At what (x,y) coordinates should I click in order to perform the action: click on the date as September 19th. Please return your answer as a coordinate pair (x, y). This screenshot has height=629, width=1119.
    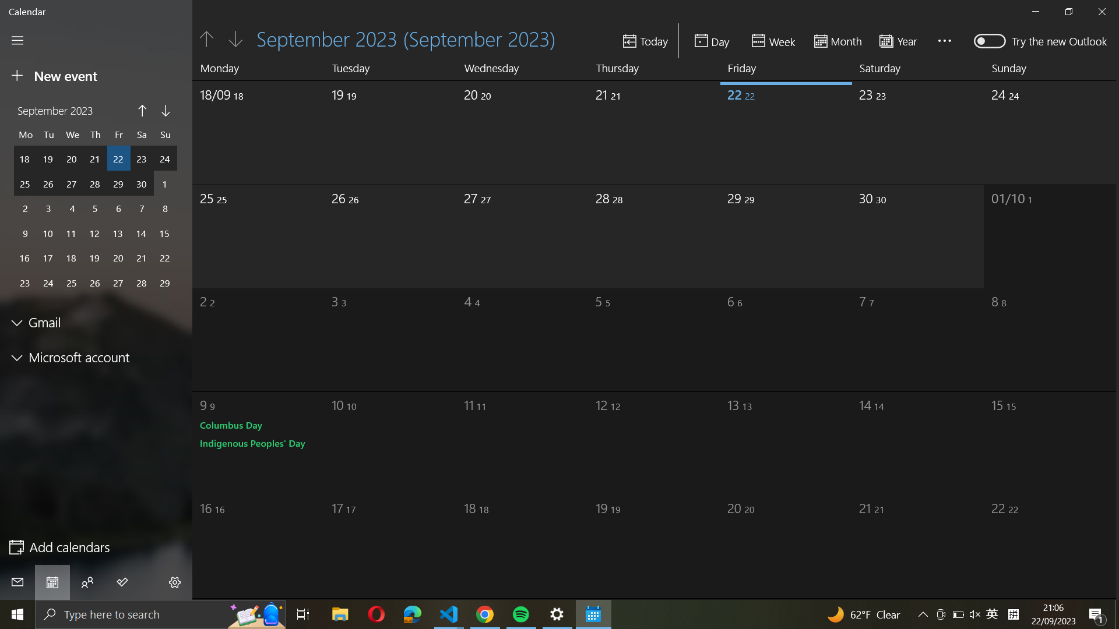
    Looking at the image, I should click on (365, 130).